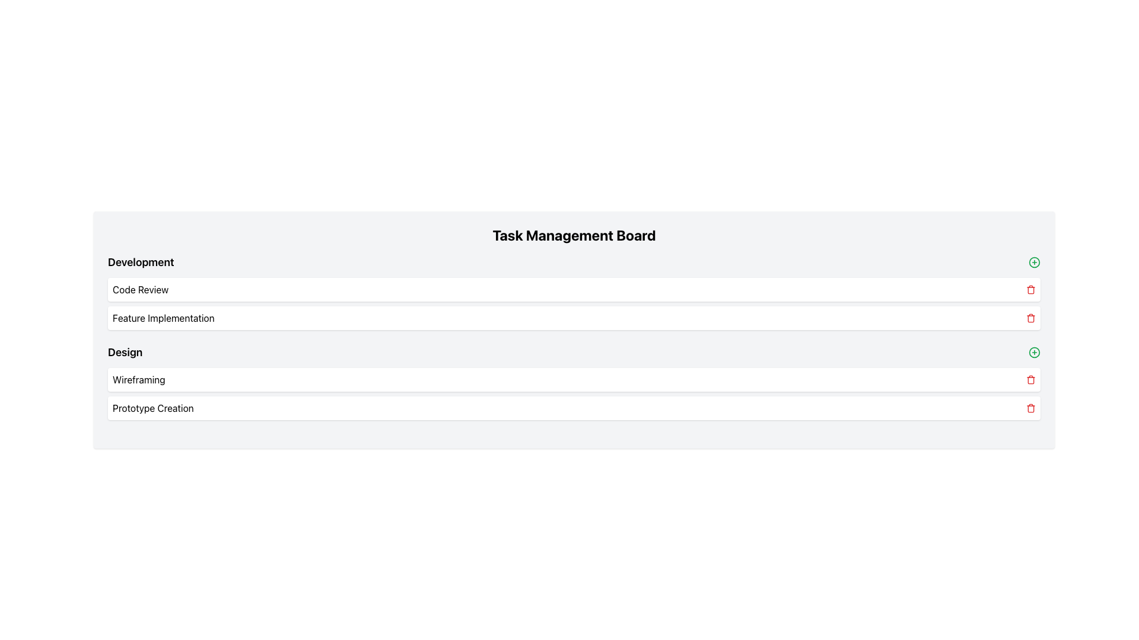 This screenshot has width=1139, height=640. I want to click on the text label that displays the title of a specific task or feature within the 'Development' section, located below 'Code Review', so click(163, 317).